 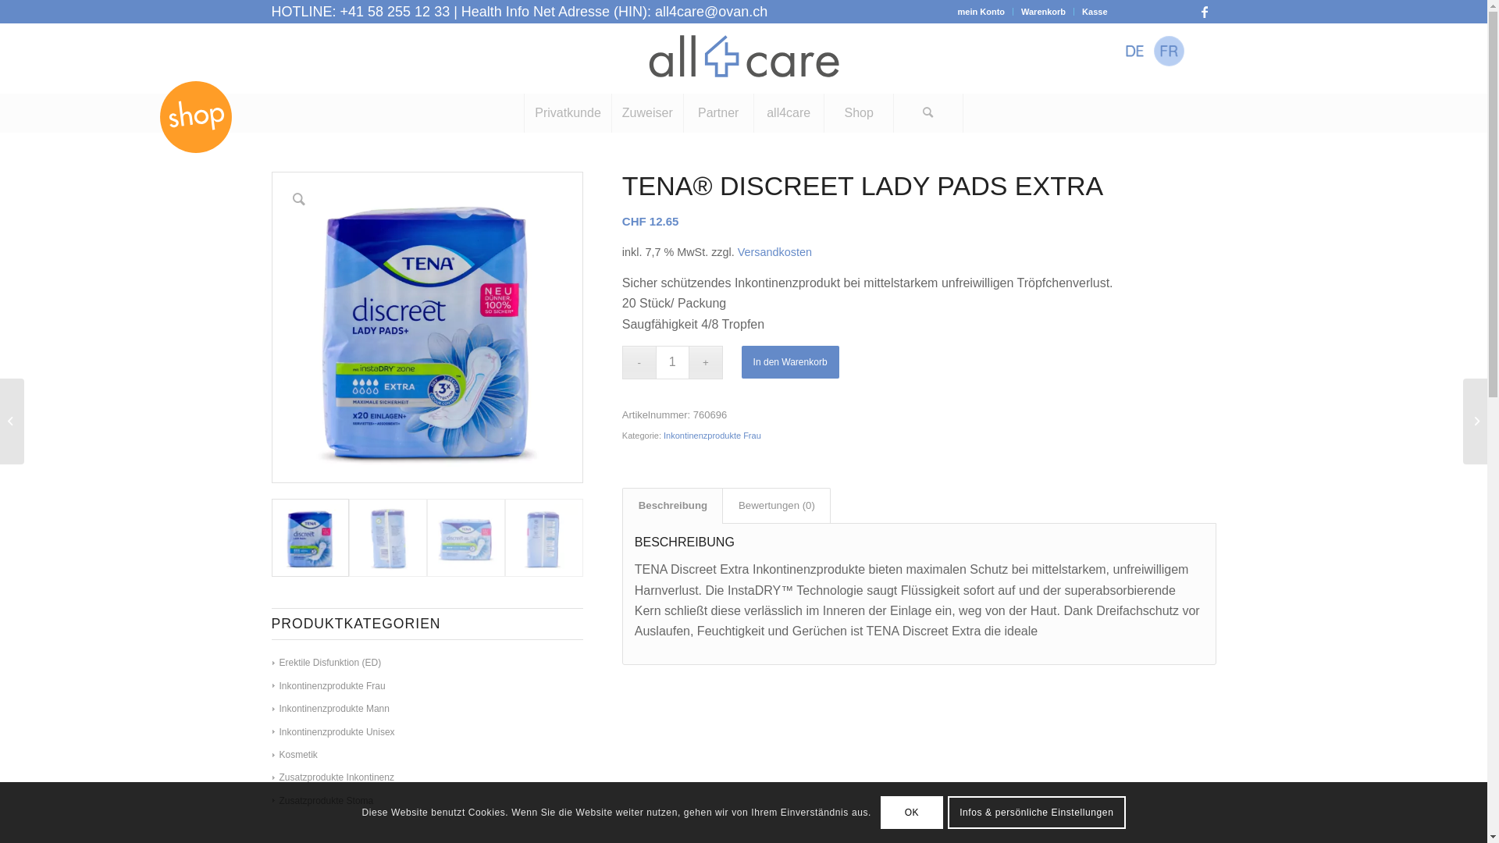 I want to click on 'Deutsch', so click(x=1134, y=50).